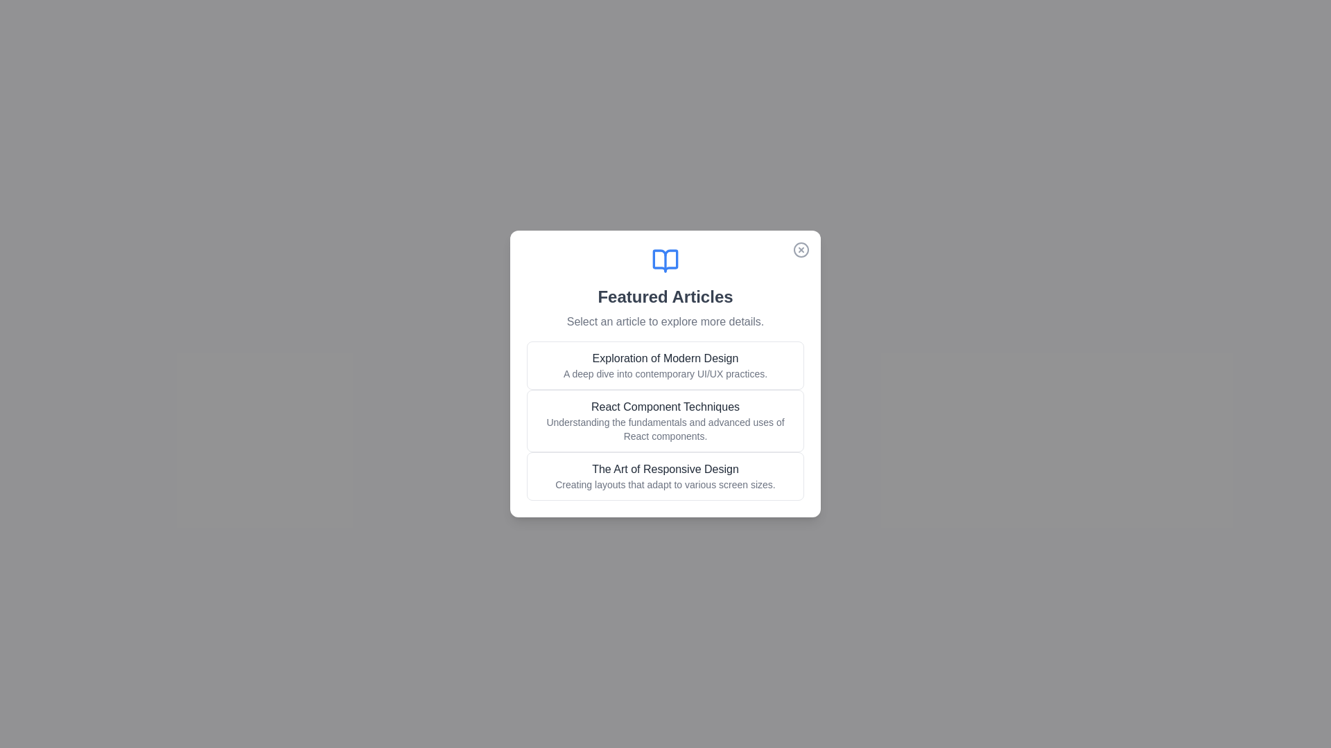 The image size is (1331, 748). I want to click on the article titled Exploration of Modern Design from the list, so click(665, 365).